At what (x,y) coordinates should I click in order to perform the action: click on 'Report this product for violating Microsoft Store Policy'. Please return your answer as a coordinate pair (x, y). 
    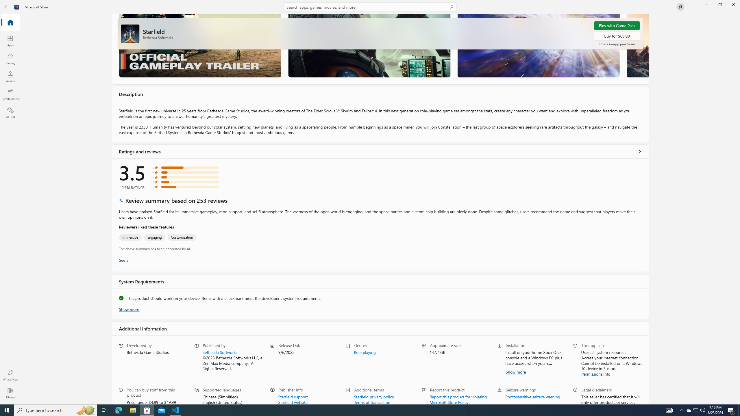
    Looking at the image, I should click on (458, 399).